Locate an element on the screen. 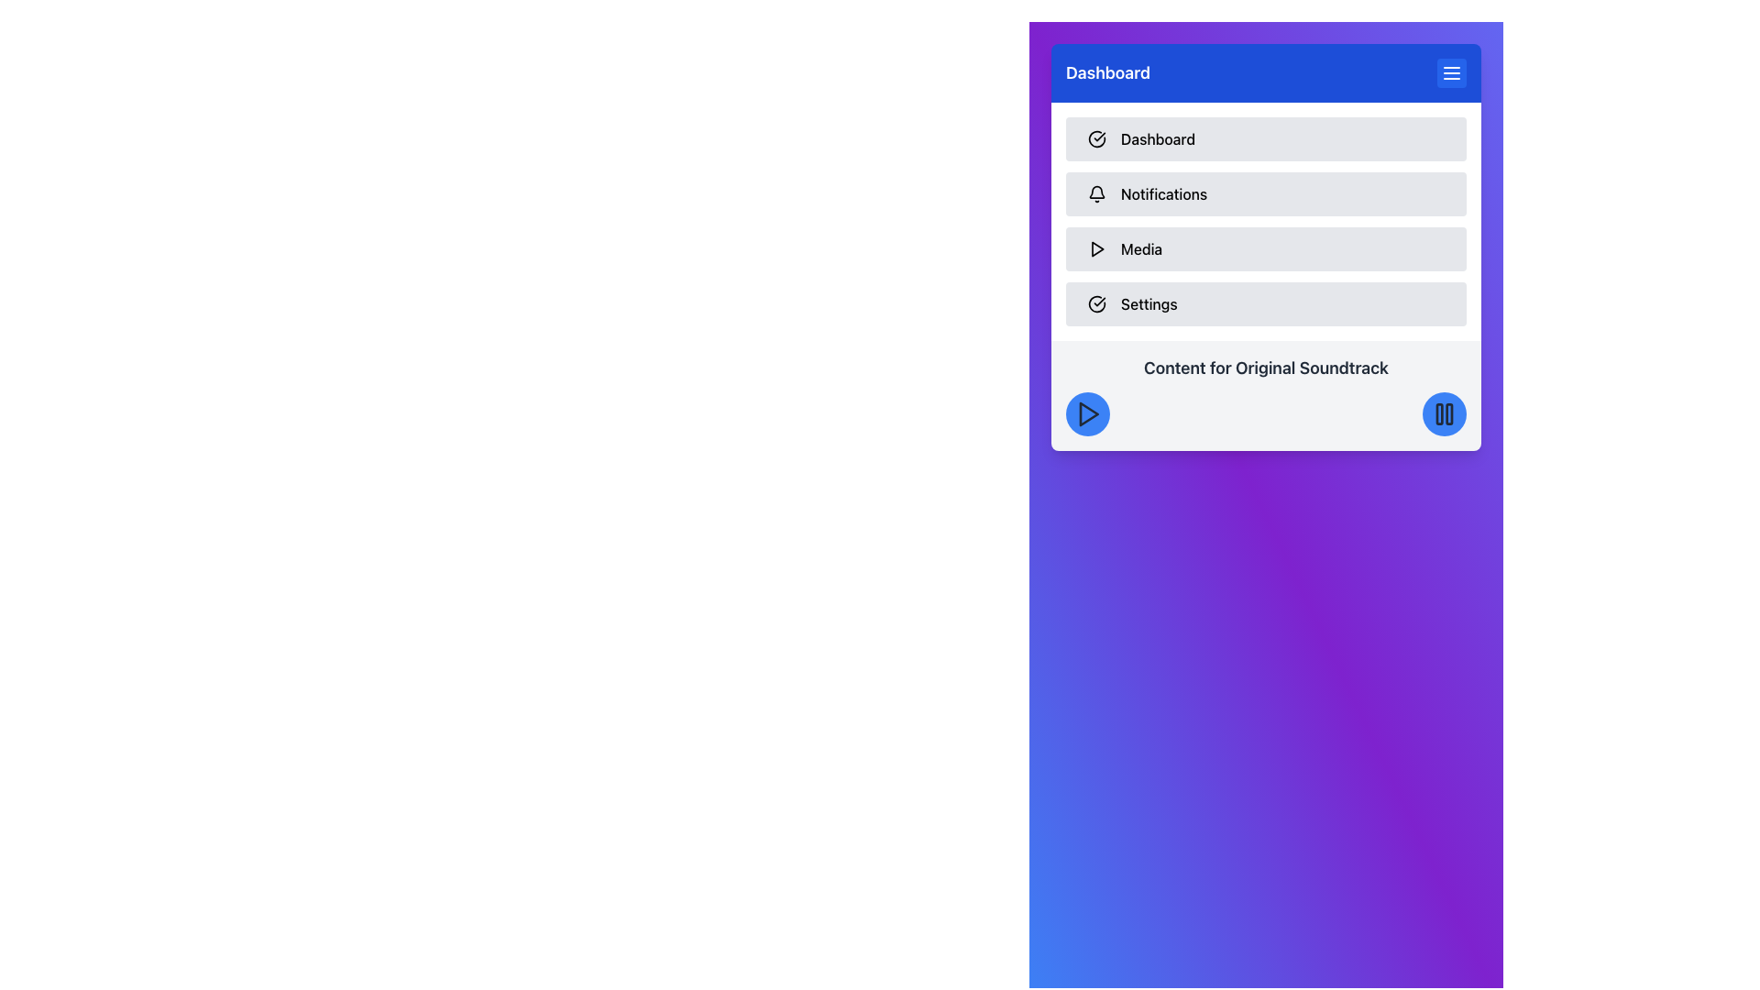  the notification icon resembling a bell located within the 'Notifications' menu item in the Dashboard section is located at coordinates (1096, 194).